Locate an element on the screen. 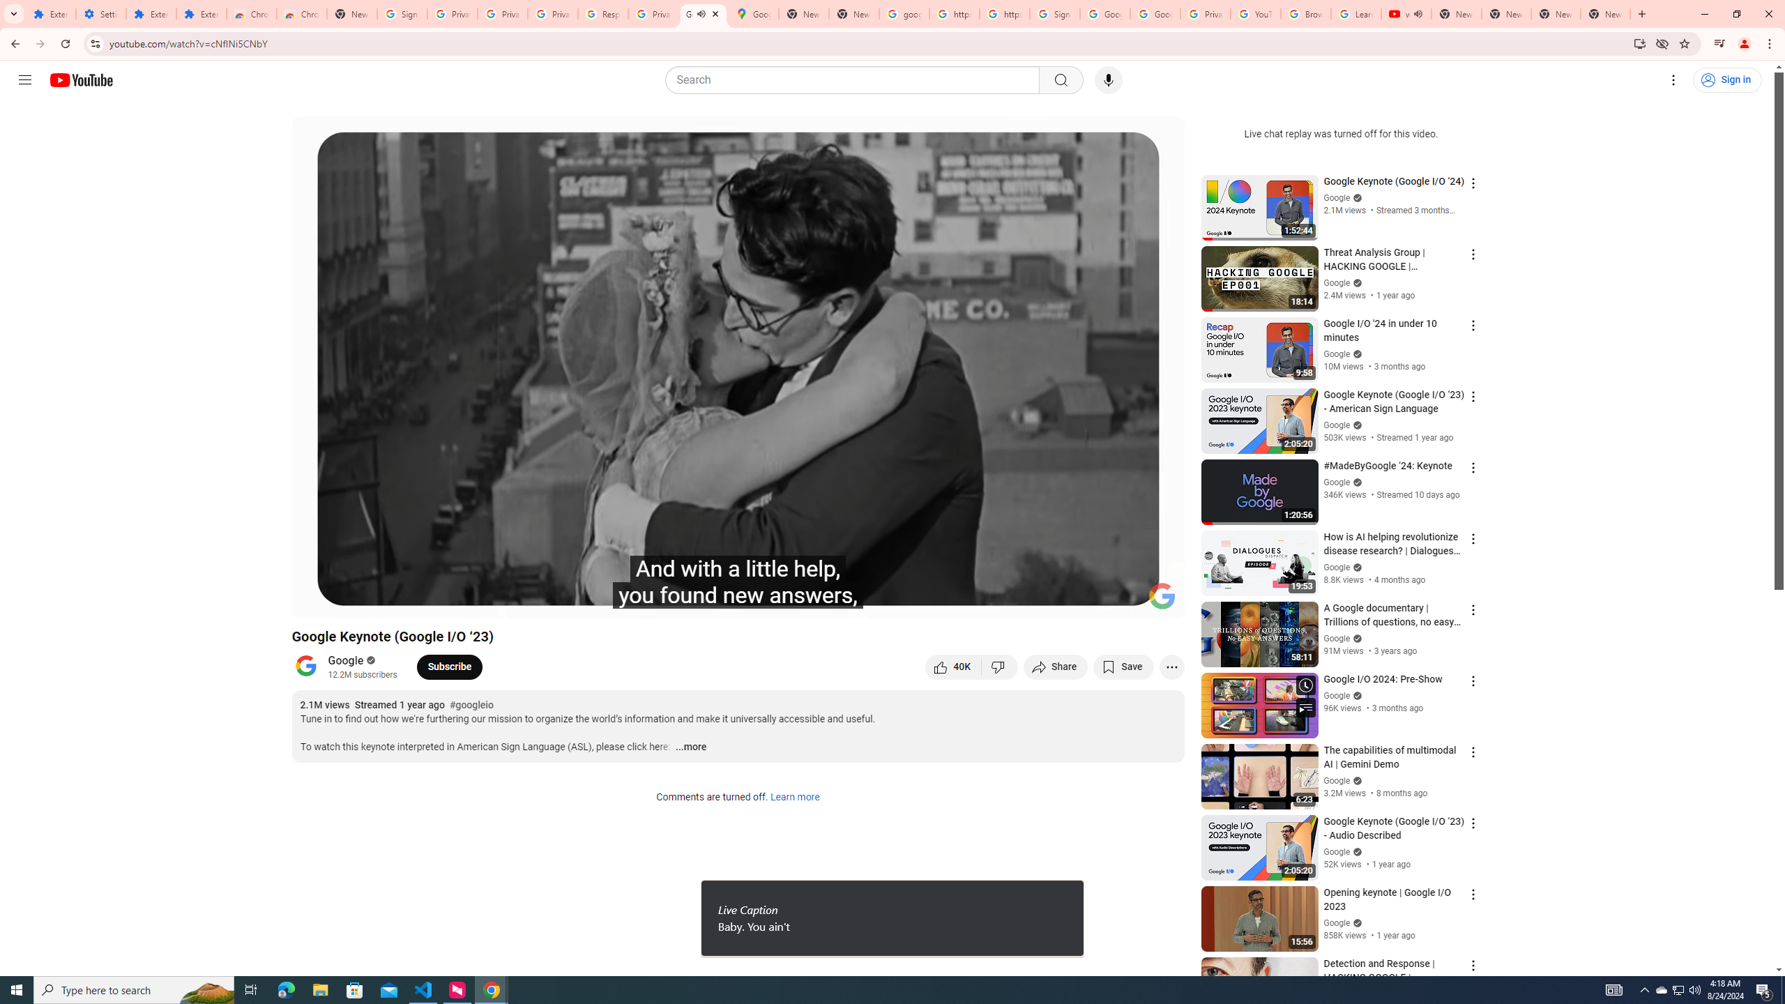  'Subscribe to Google.' is located at coordinates (449, 666).